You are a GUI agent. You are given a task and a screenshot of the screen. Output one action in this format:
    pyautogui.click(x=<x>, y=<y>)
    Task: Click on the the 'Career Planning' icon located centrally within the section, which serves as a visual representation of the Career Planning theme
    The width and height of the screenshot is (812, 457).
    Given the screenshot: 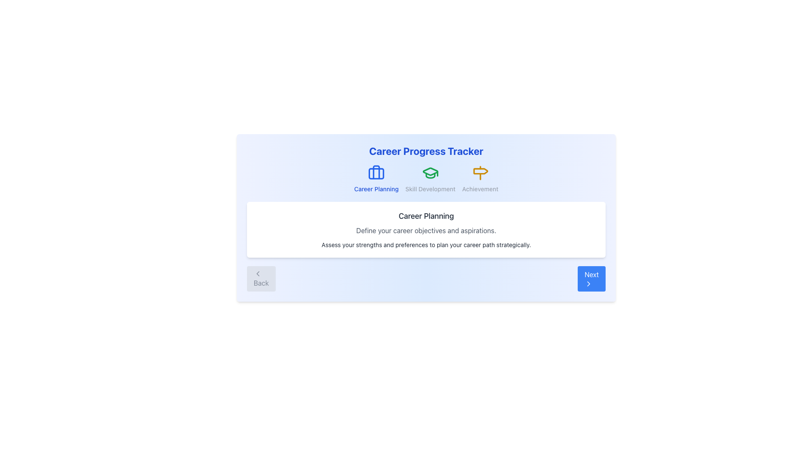 What is the action you would take?
    pyautogui.click(x=376, y=172)
    